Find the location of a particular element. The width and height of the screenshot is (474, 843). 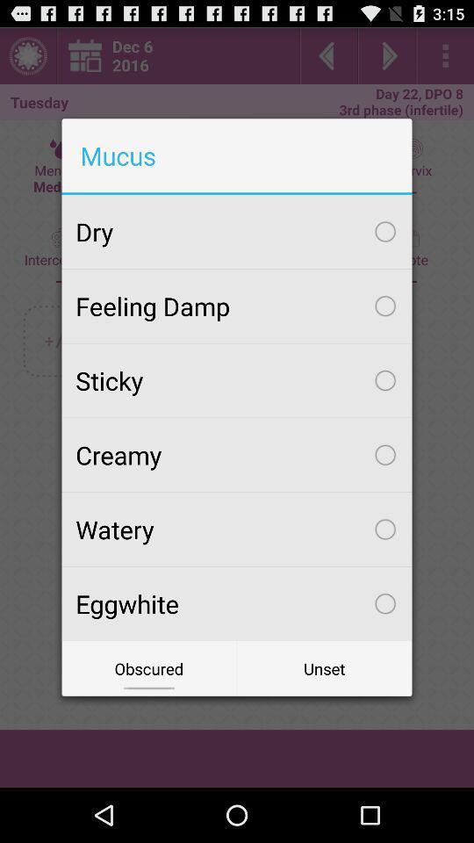

the item below the eggwhite item is located at coordinates (149, 667).